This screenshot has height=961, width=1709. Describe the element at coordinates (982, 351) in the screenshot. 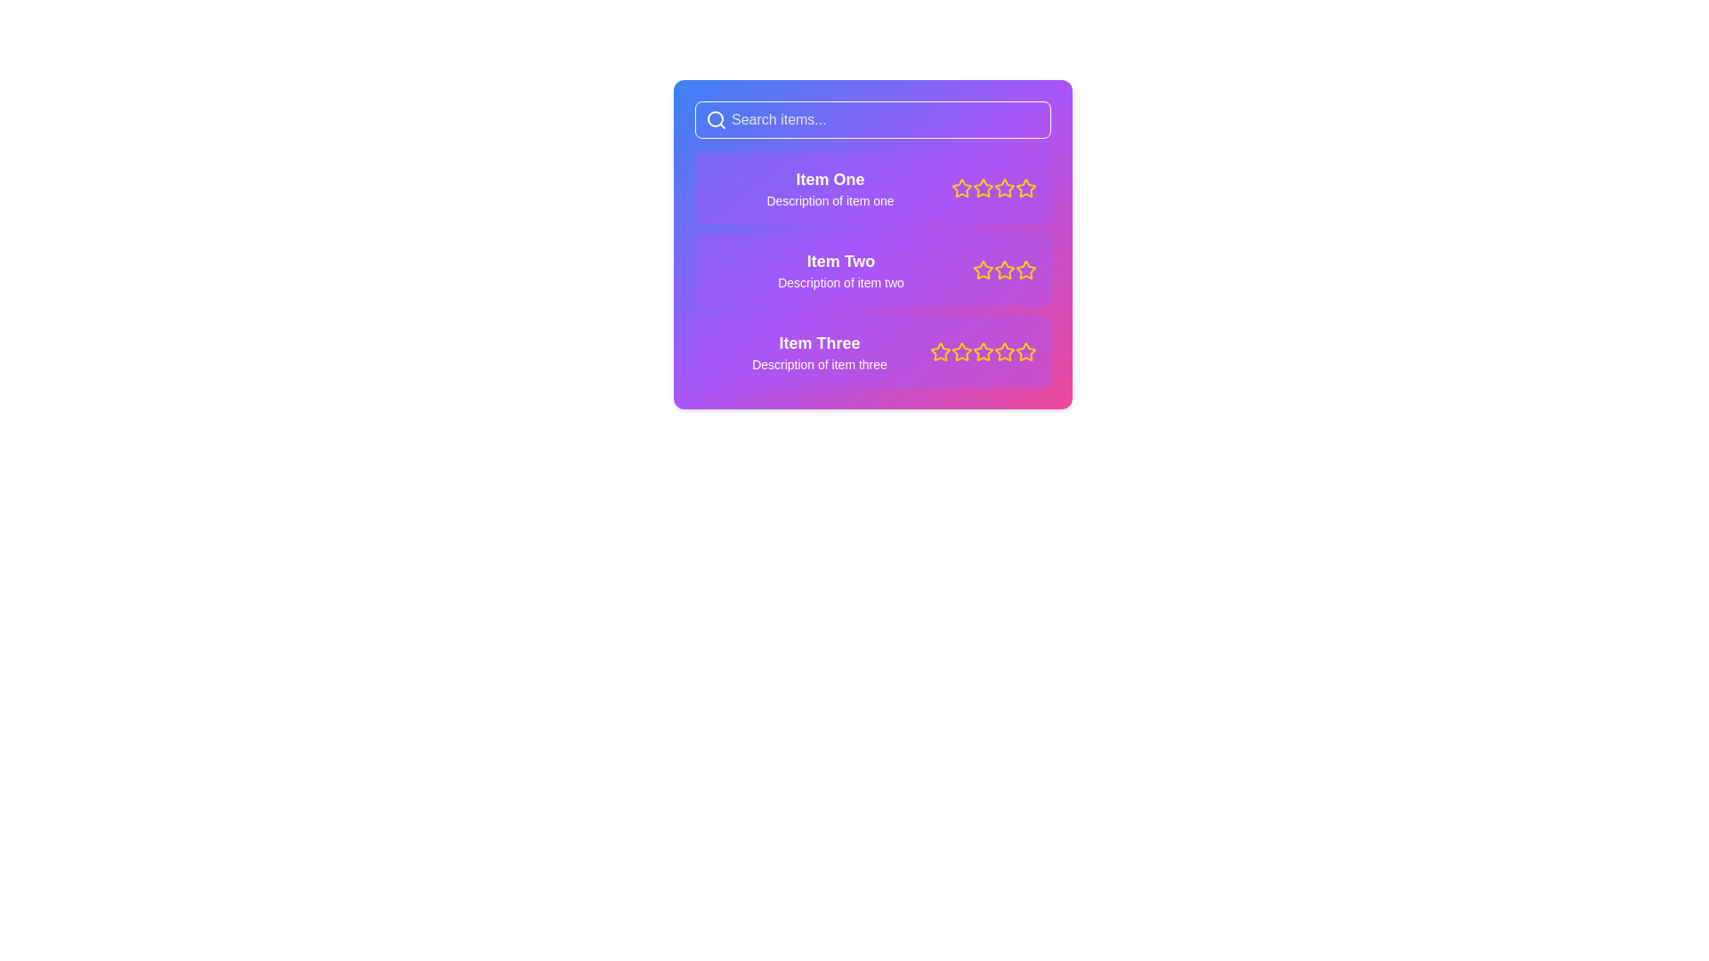

I see `the second star icon from the left in the rating system next to 'Item Three'` at that location.